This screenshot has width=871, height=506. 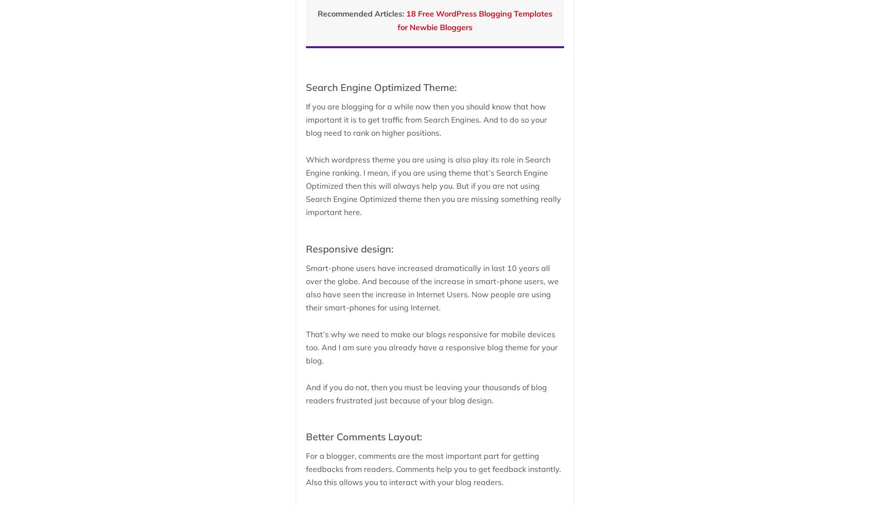 What do you see at coordinates (305, 87) in the screenshot?
I see `'Search Engine Optimized Theme:'` at bounding box center [305, 87].